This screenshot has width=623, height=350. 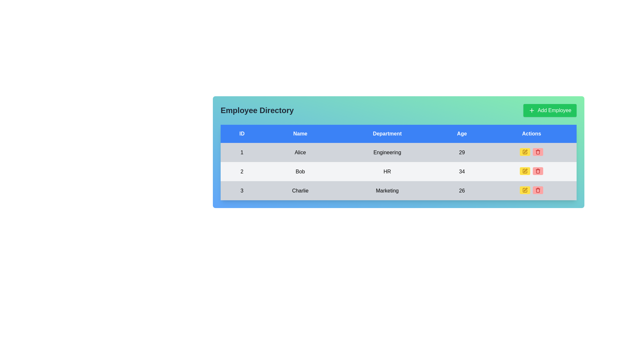 I want to click on the yellow button with a pen icon in the first row of the employee table to initiate the edit action, so click(x=525, y=152).